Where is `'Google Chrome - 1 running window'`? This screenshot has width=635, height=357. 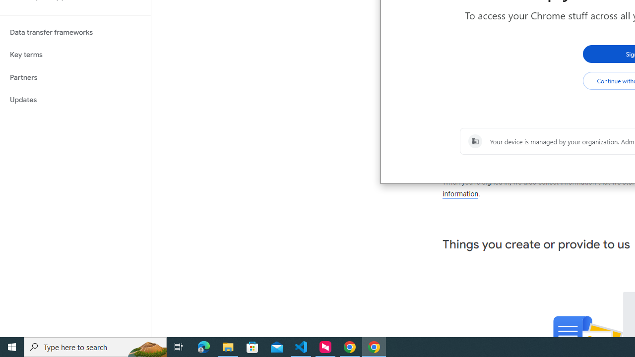 'Google Chrome - 1 running window' is located at coordinates (374, 346).